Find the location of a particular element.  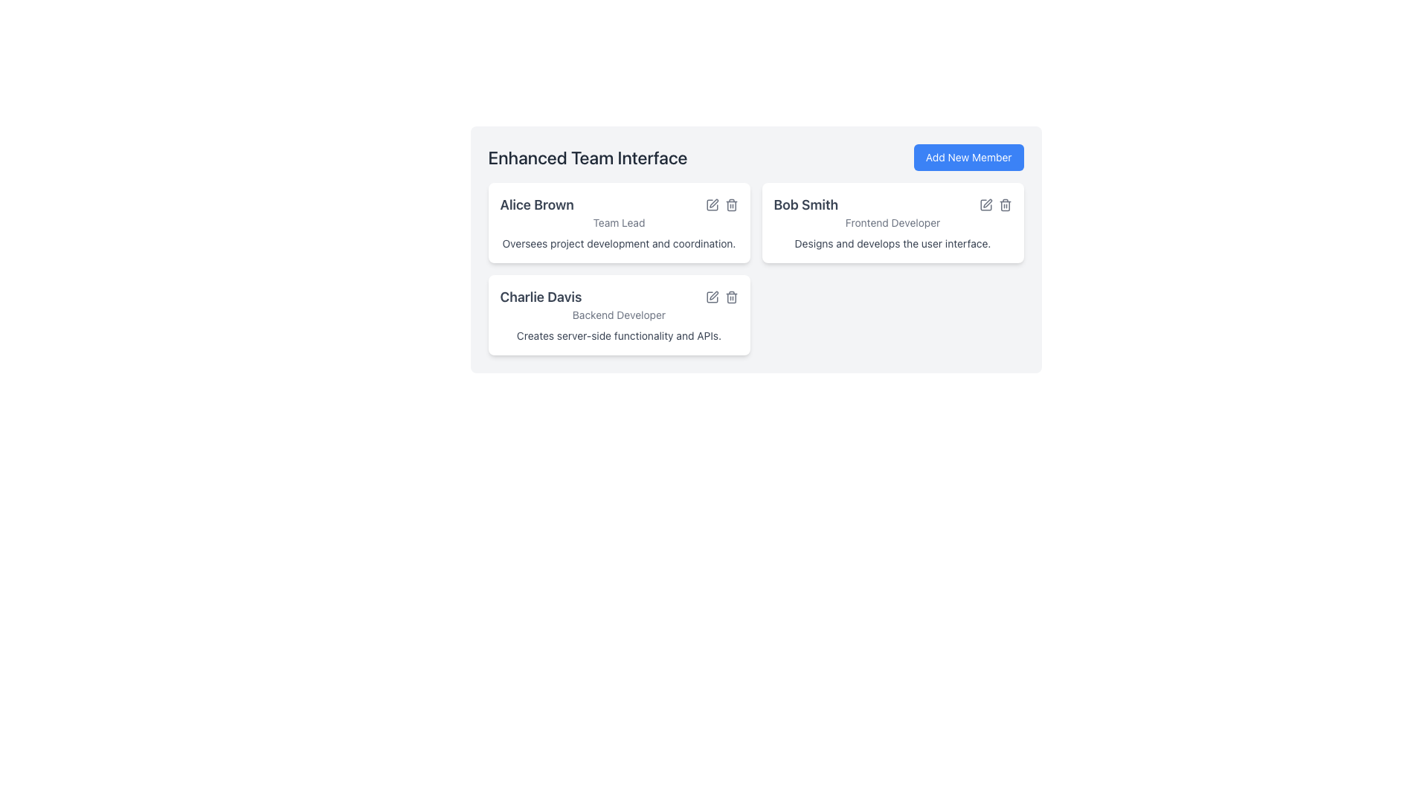

the edit icon in the Icon group with actions for 'Bob Smith' is located at coordinates (995, 205).